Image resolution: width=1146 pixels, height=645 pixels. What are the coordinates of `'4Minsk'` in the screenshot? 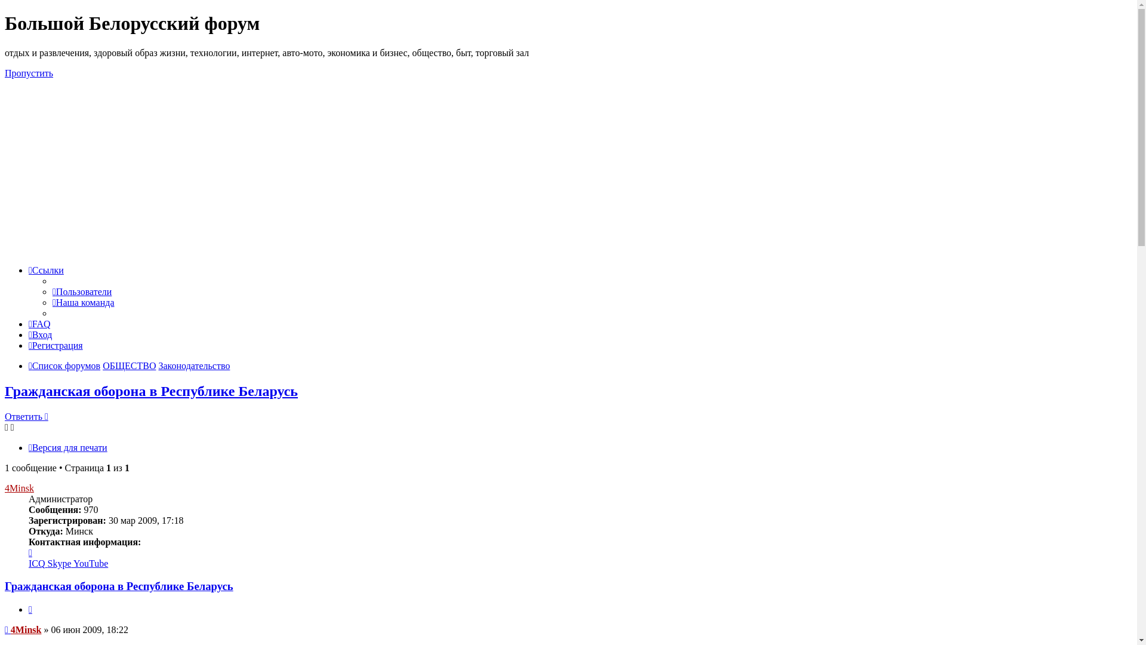 It's located at (26, 629).